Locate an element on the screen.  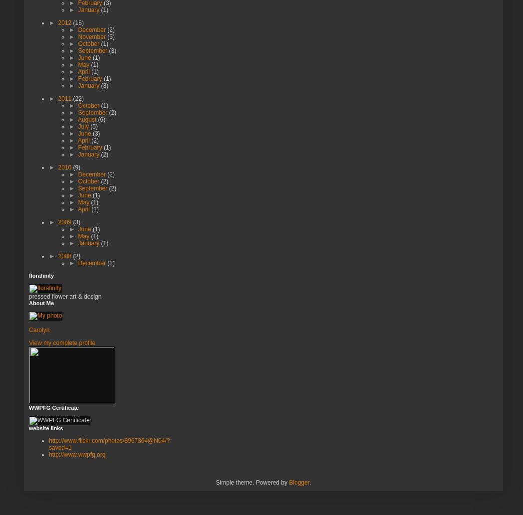
'Blogger' is located at coordinates (289, 481).